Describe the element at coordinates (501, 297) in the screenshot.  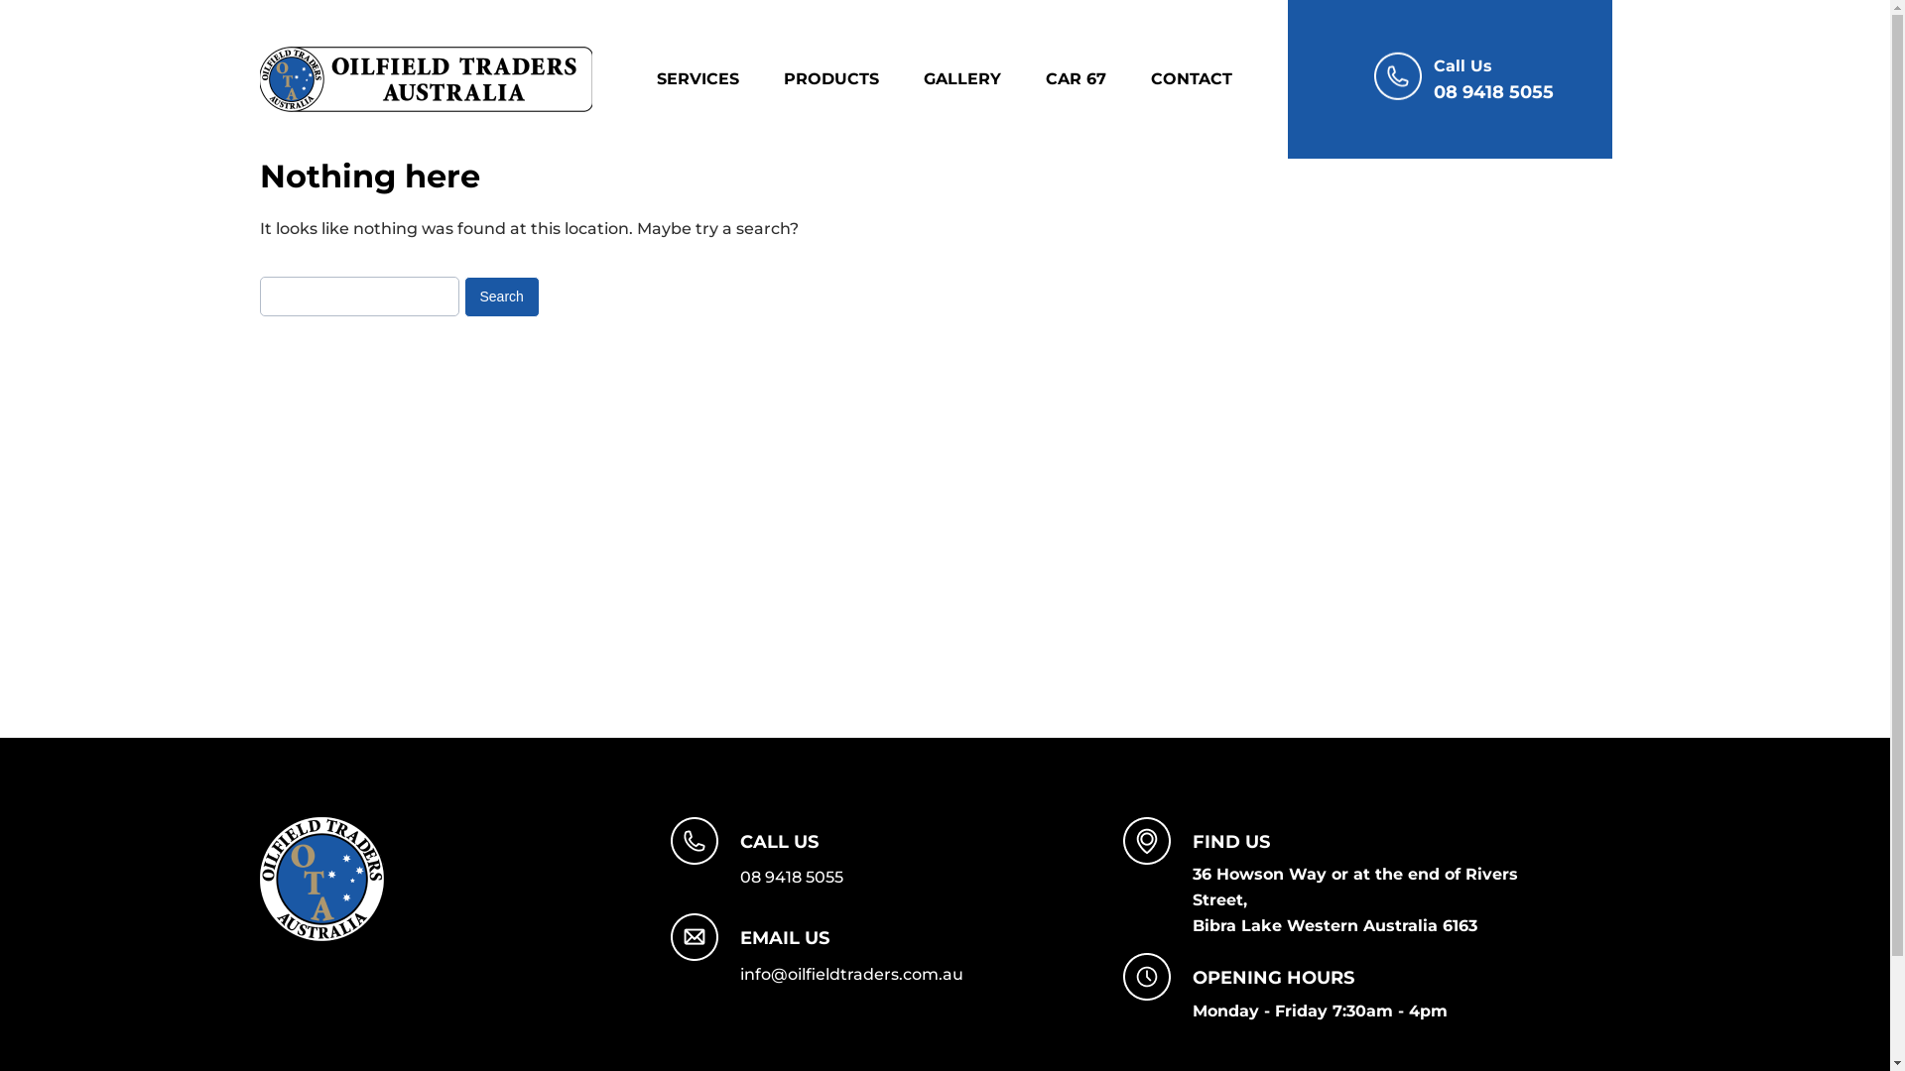
I see `'Search'` at that location.